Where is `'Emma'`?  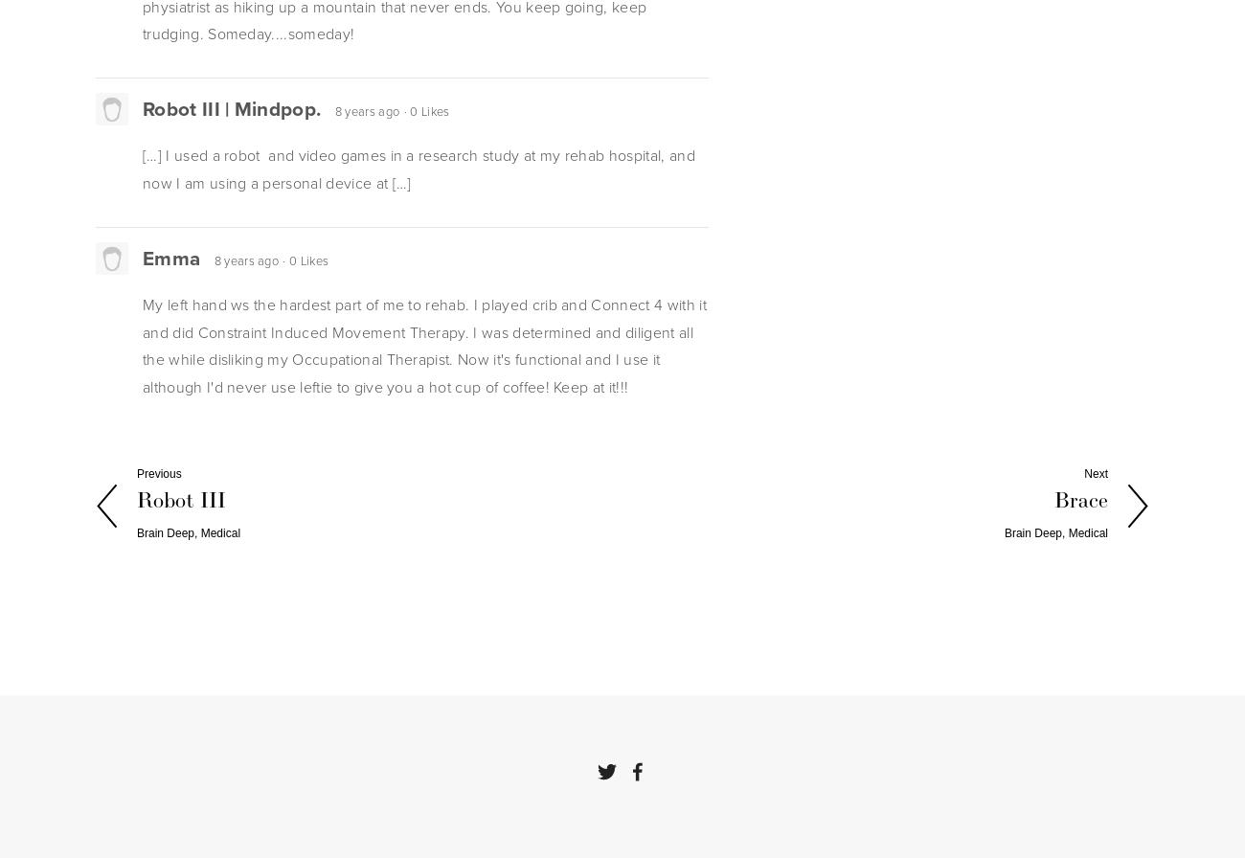
'Emma' is located at coordinates (171, 257).